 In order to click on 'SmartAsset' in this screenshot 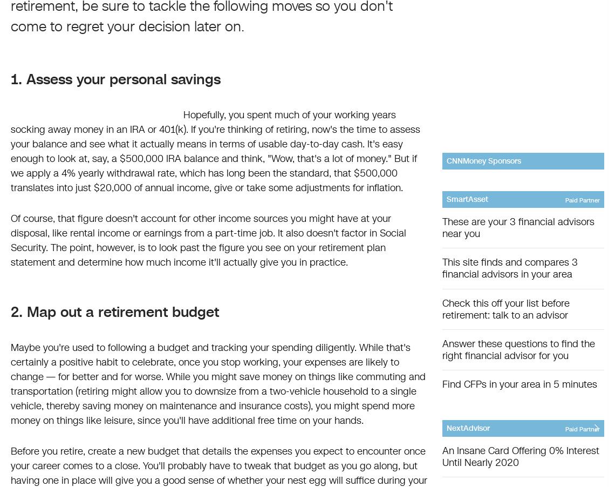, I will do `click(467, 199)`.